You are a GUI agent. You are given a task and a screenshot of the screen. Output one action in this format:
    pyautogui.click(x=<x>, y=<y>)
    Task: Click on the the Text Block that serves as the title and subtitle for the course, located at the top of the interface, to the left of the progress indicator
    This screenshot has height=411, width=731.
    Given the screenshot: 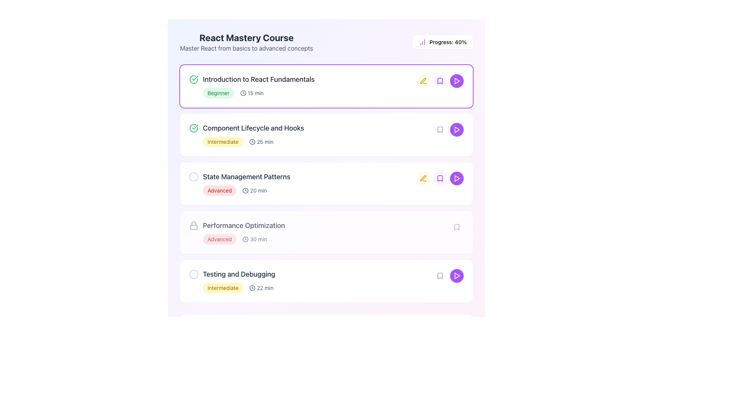 What is the action you would take?
    pyautogui.click(x=246, y=42)
    